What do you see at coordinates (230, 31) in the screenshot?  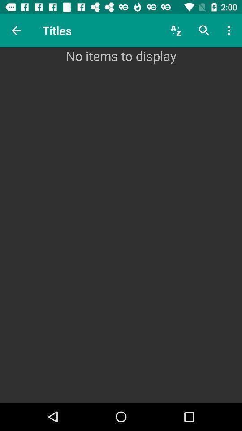 I see `the item above no items to item` at bounding box center [230, 31].